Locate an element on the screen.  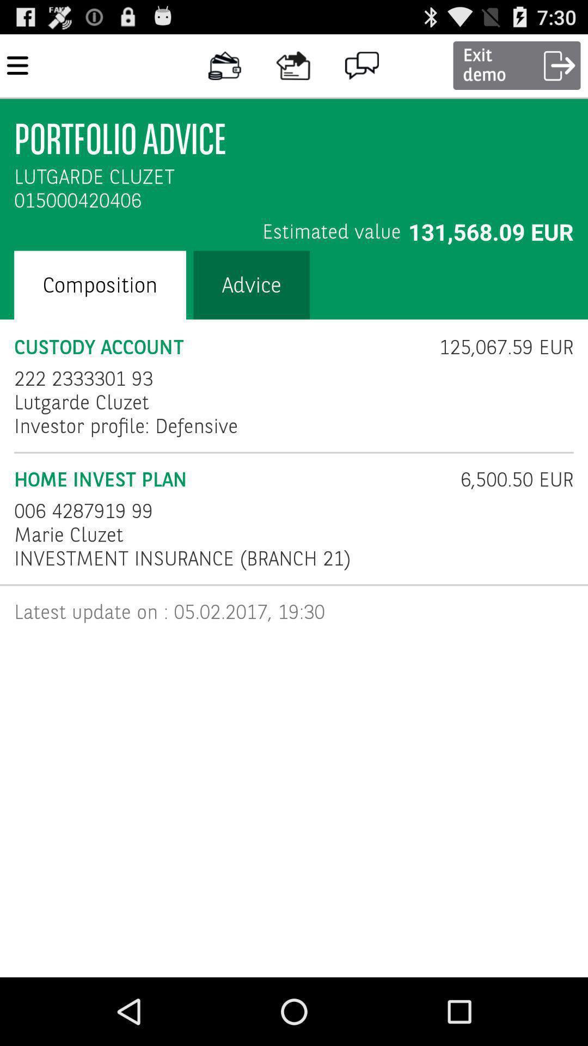
125 067 59 is located at coordinates (499, 346).